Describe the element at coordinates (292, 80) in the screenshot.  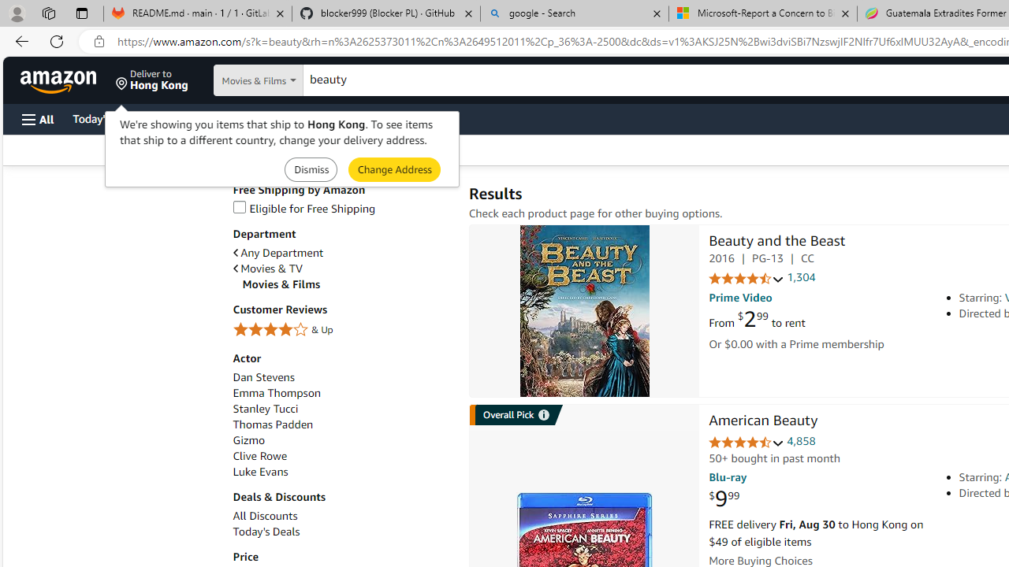
I see `'Search in'` at that location.